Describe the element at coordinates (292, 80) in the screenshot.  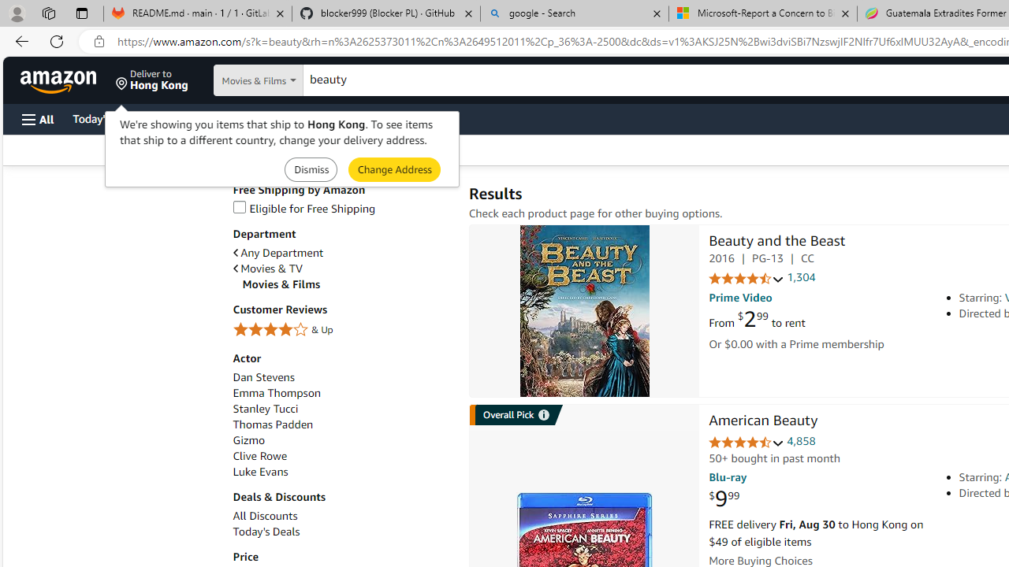
I see `'Search in'` at that location.